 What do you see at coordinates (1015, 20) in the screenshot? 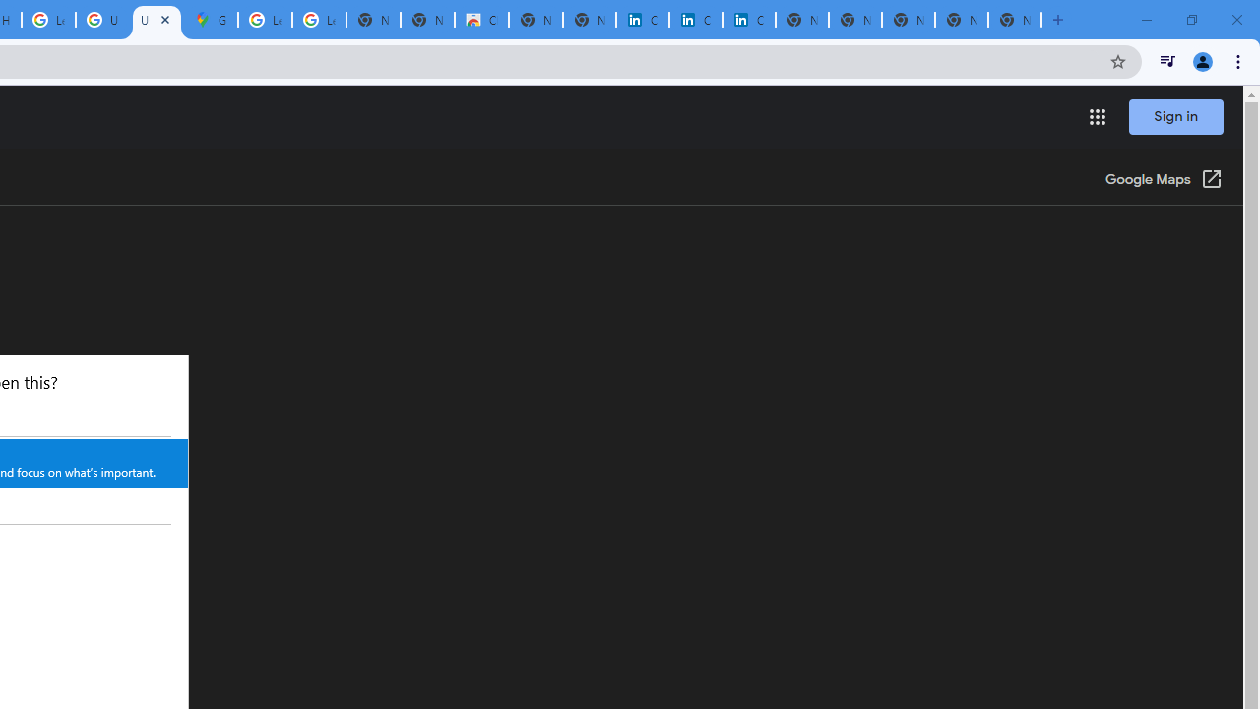
I see `'New Tab'` at bounding box center [1015, 20].